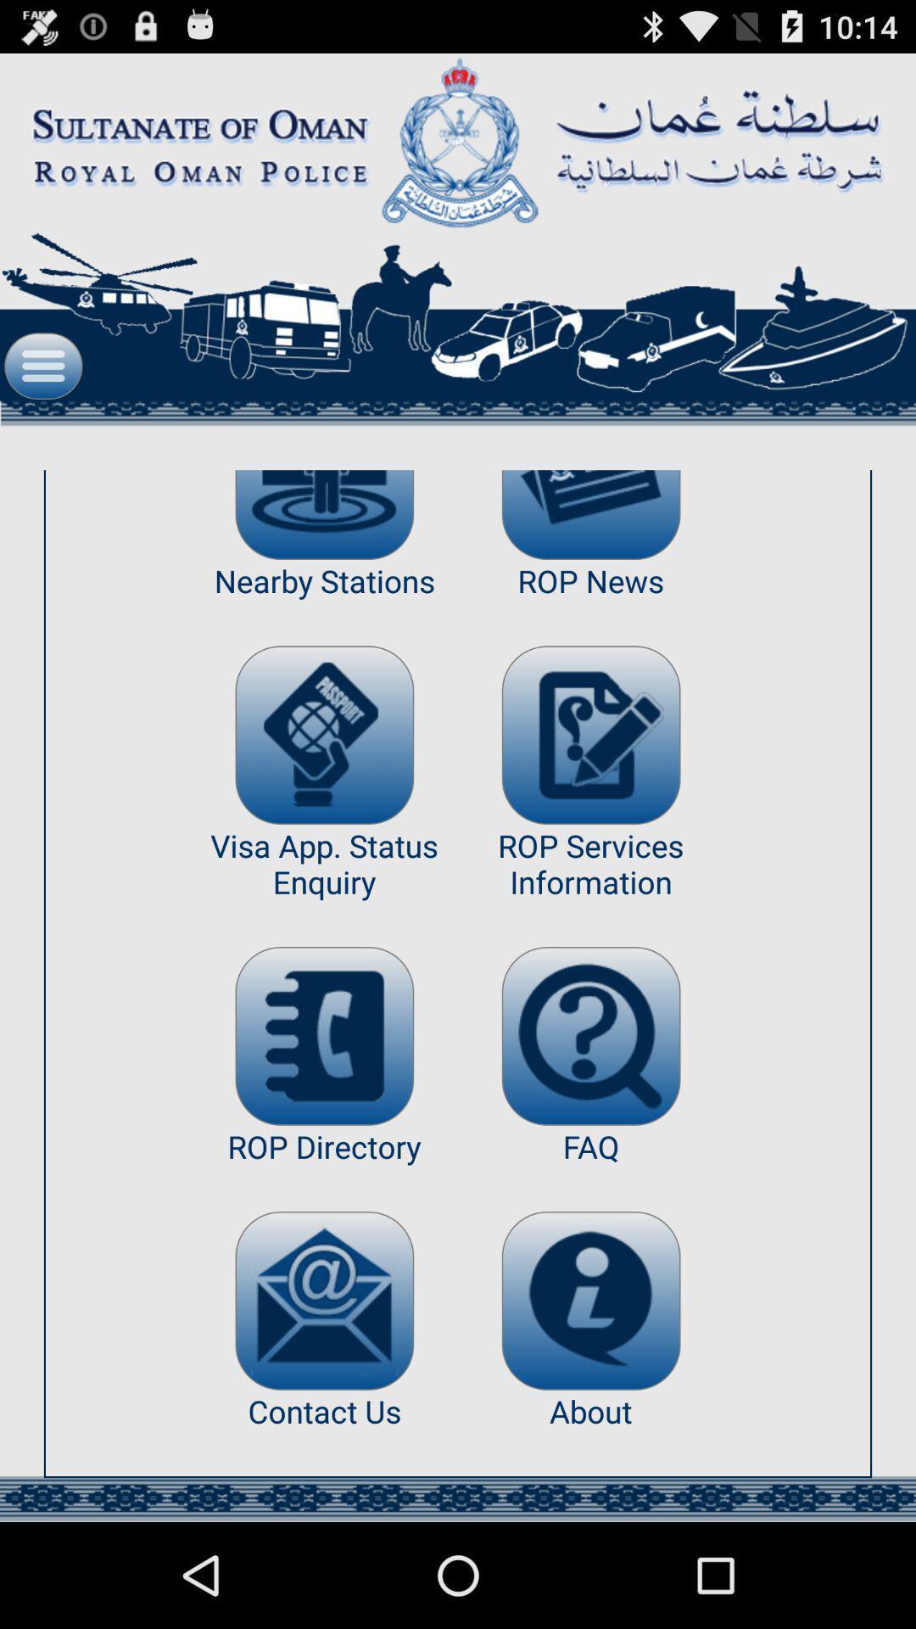  What do you see at coordinates (324, 735) in the screenshot?
I see `the app to the left of the rop news item` at bounding box center [324, 735].